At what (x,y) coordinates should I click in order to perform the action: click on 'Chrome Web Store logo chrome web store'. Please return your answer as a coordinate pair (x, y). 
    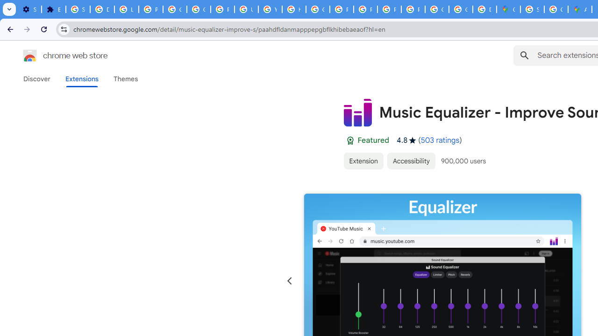
    Looking at the image, I should click on (55, 56).